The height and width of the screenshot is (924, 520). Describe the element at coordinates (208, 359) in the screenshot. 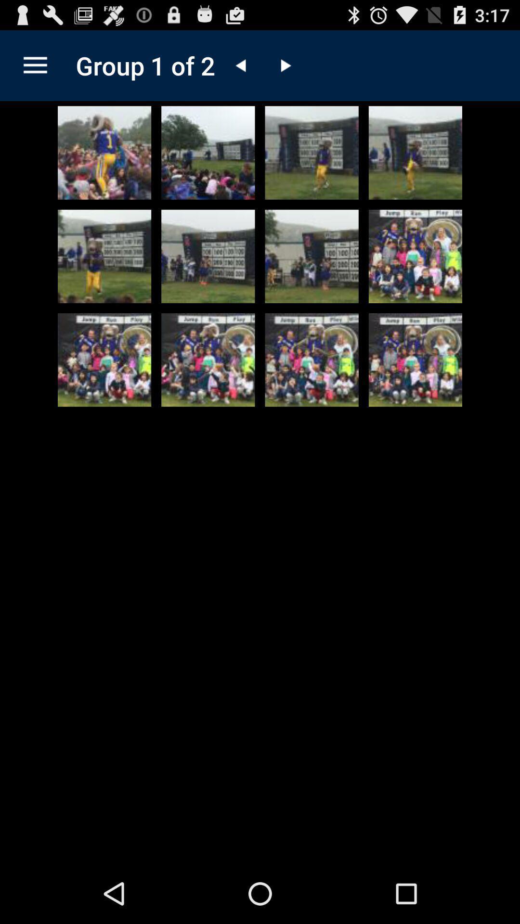

I see `photograph` at that location.